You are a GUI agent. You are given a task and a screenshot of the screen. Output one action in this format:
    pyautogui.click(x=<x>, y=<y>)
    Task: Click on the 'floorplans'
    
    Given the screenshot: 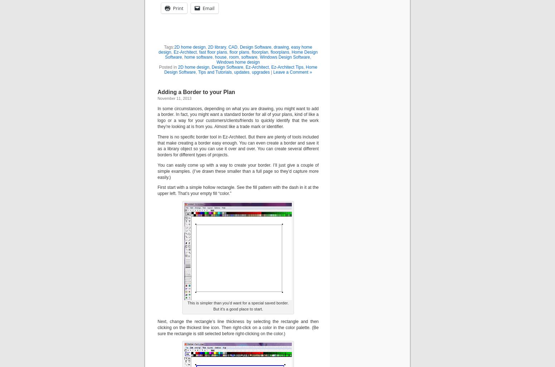 What is the action you would take?
    pyautogui.click(x=279, y=52)
    